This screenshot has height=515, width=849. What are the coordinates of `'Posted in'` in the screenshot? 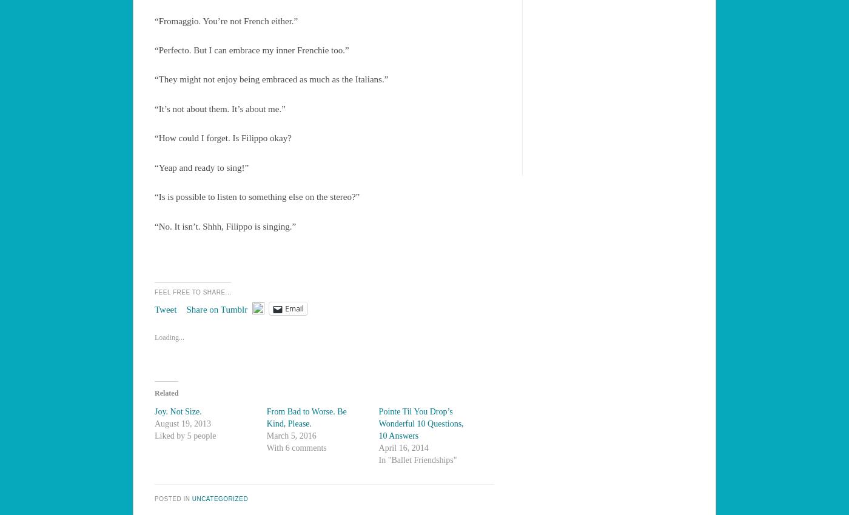 It's located at (173, 498).